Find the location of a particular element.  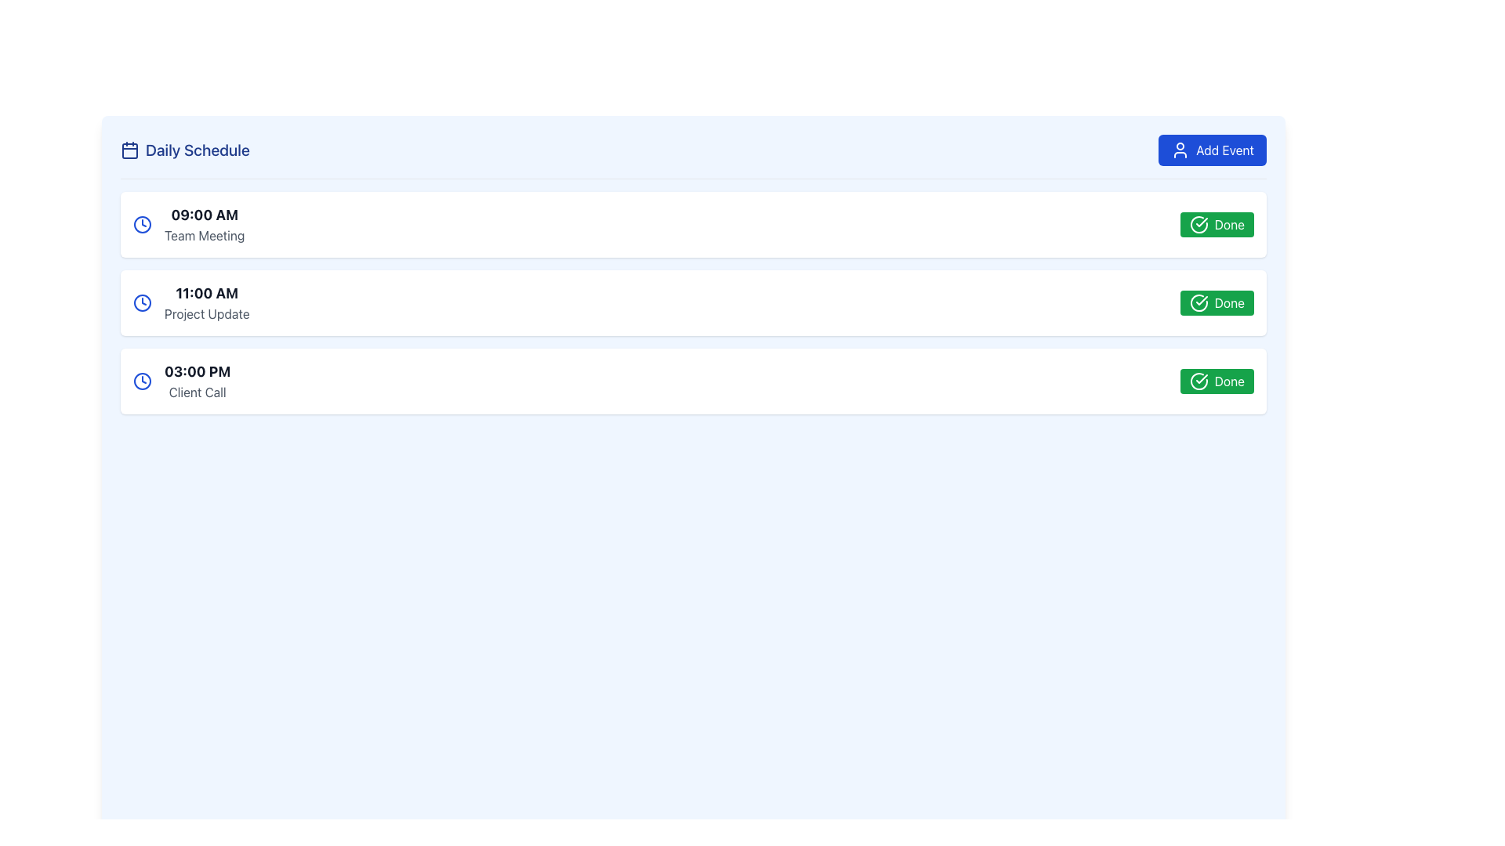

the checkmark icon inside the green rounded rectangle located in the 'Done' status area adjacent to the '11:00 AM Project Update' entry is located at coordinates (1201, 301).